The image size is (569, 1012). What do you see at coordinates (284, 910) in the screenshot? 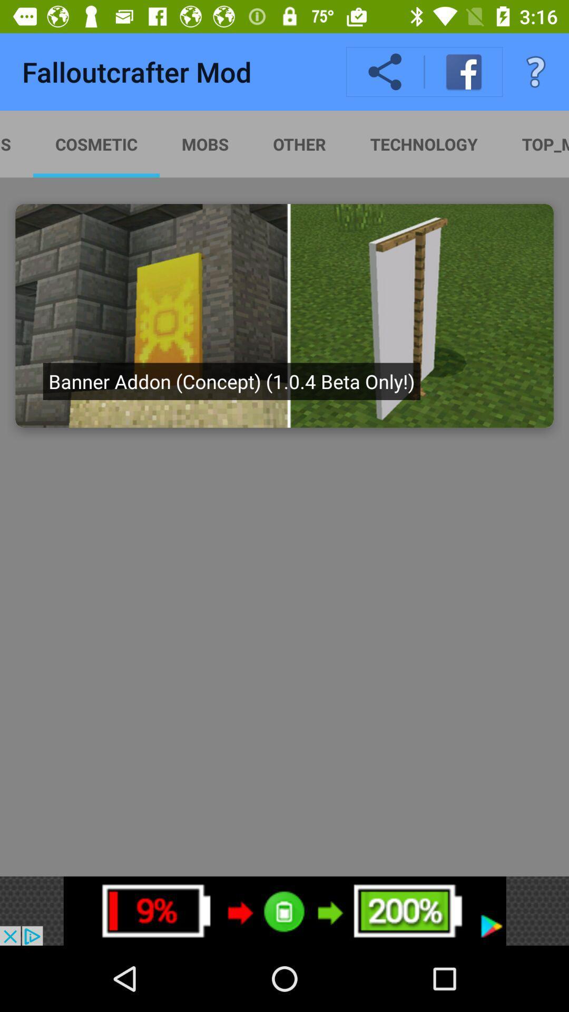
I see `open advertisement` at bounding box center [284, 910].